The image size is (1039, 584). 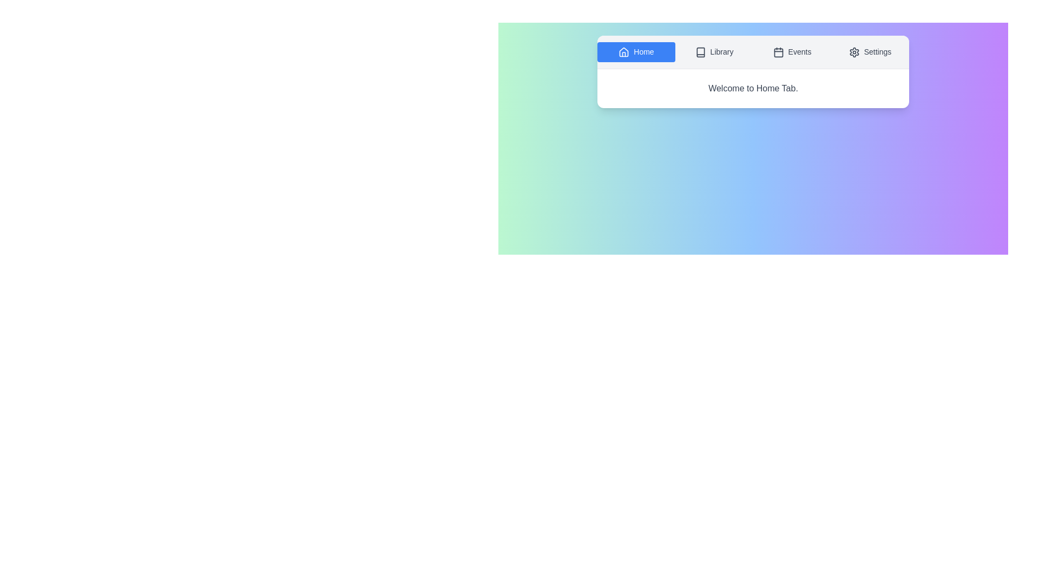 What do you see at coordinates (870, 52) in the screenshot?
I see `the 'Settings' button, which is a transparent button with rounded borders and a gear icon, to trigger its visual effect` at bounding box center [870, 52].